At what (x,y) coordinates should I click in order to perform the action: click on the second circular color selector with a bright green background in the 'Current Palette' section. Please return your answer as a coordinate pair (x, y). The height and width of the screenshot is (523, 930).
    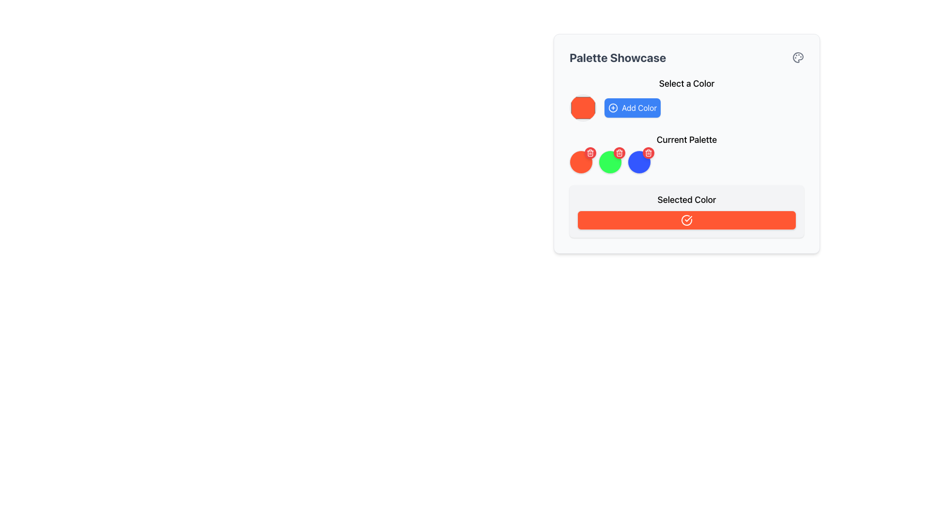
    Looking at the image, I should click on (609, 162).